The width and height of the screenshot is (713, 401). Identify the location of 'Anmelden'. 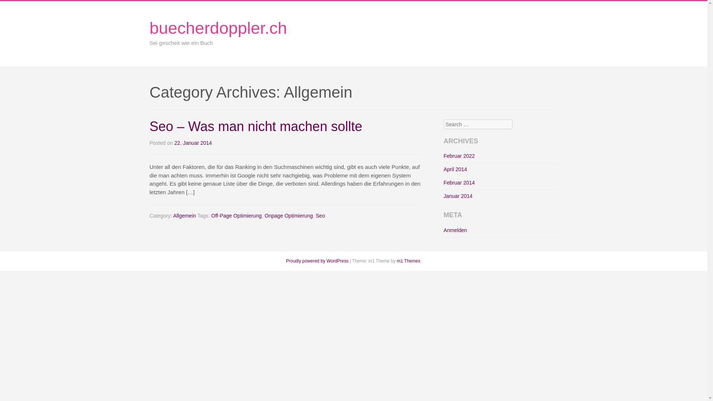
(443, 230).